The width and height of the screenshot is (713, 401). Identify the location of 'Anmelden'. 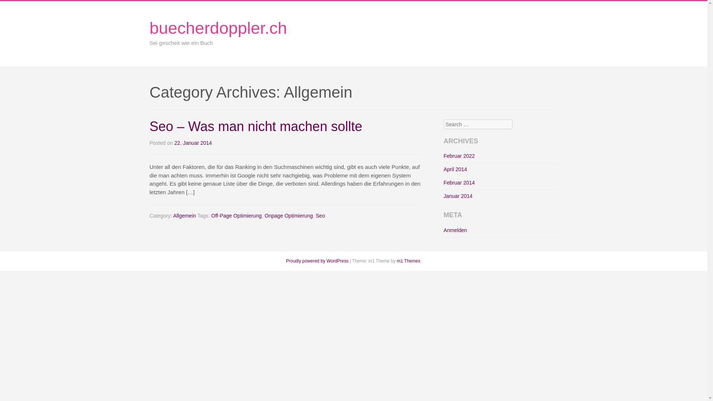
(443, 230).